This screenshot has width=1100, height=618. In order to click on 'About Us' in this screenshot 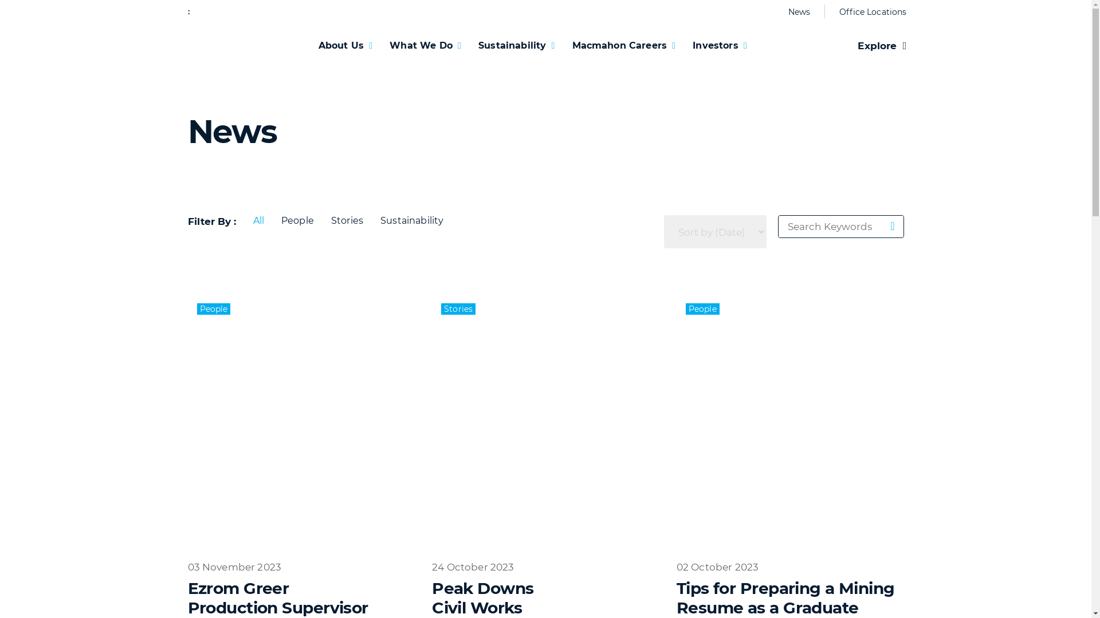, I will do `click(345, 45)`.